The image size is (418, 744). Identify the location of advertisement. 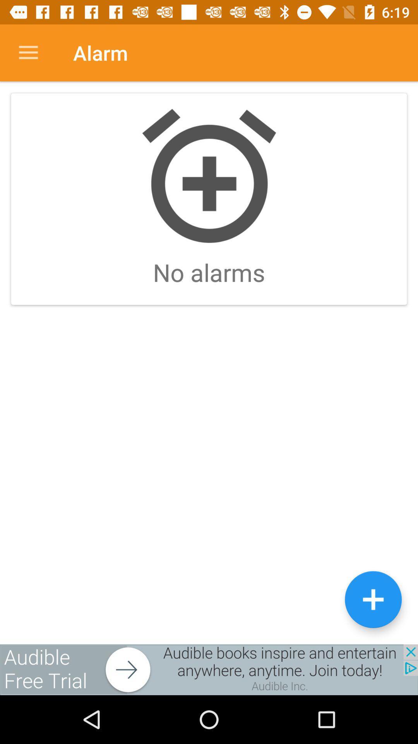
(209, 669).